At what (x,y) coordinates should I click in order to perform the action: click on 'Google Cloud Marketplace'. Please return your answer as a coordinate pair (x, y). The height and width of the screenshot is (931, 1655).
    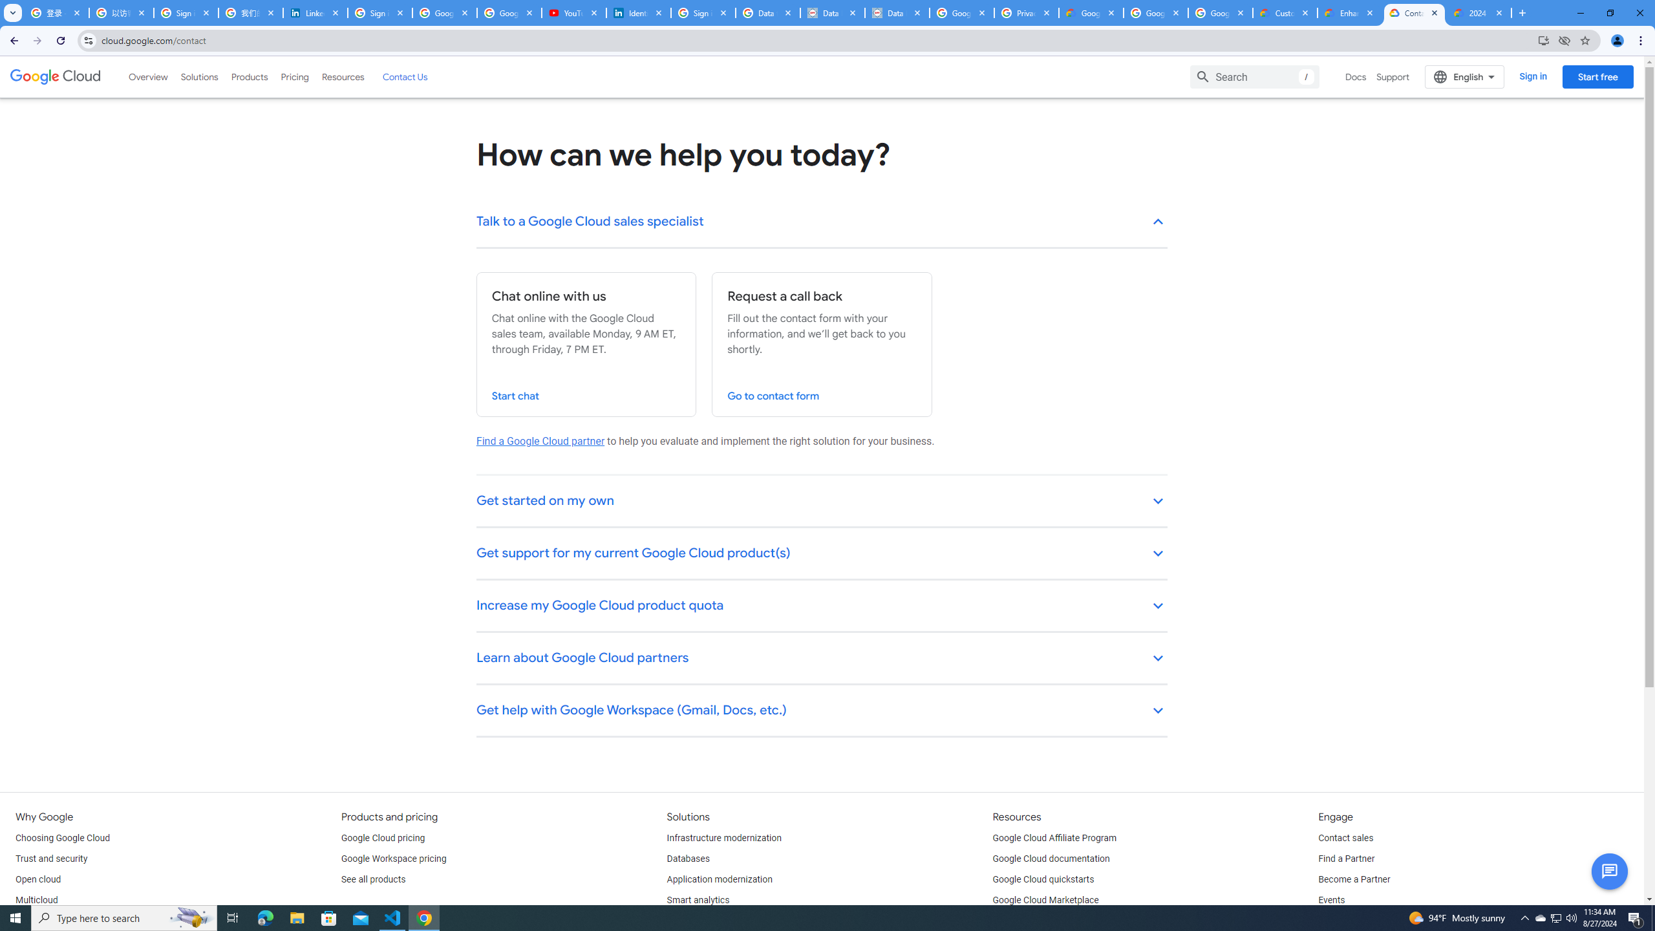
    Looking at the image, I should click on (1045, 899).